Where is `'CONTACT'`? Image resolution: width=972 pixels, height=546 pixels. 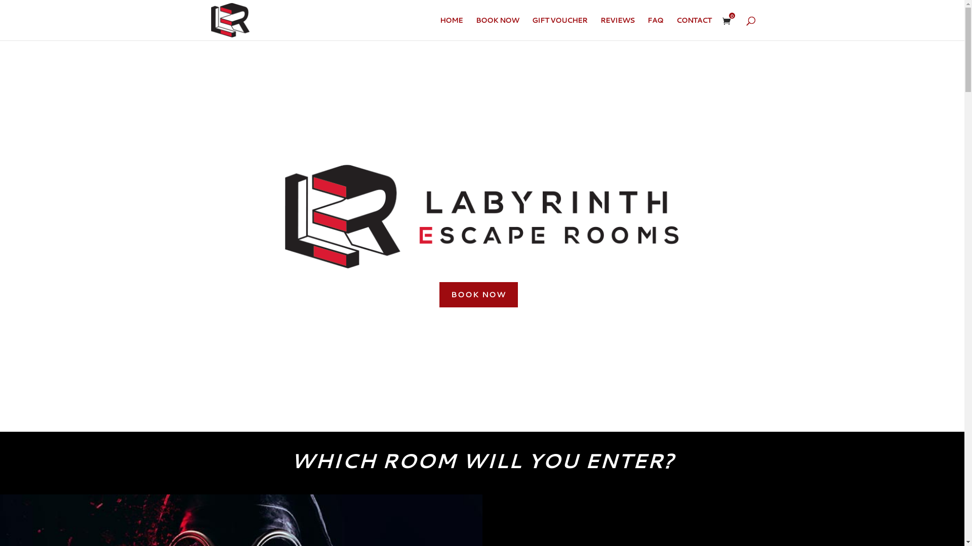
'CONTACT' is located at coordinates (693, 28).